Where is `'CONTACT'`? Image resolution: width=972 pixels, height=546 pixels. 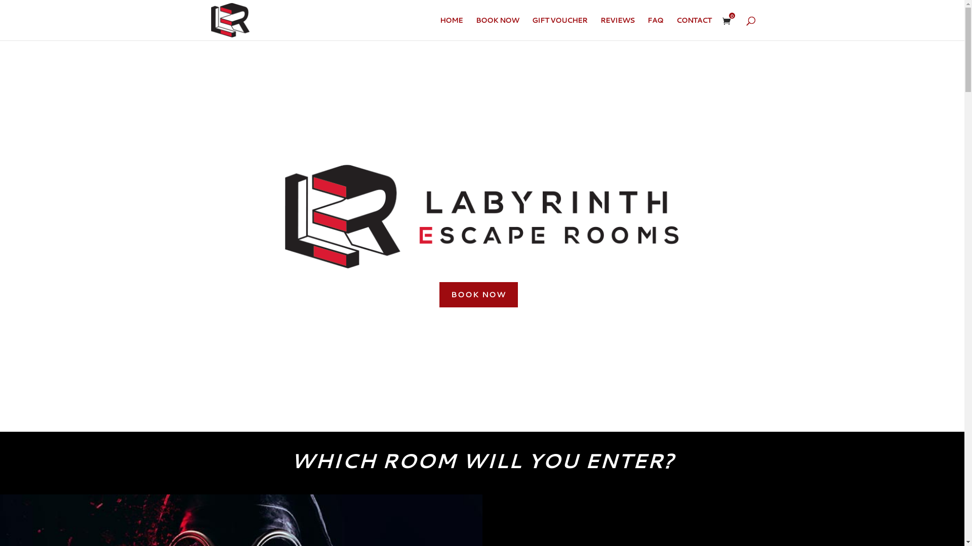
'CONTACT' is located at coordinates (693, 28).